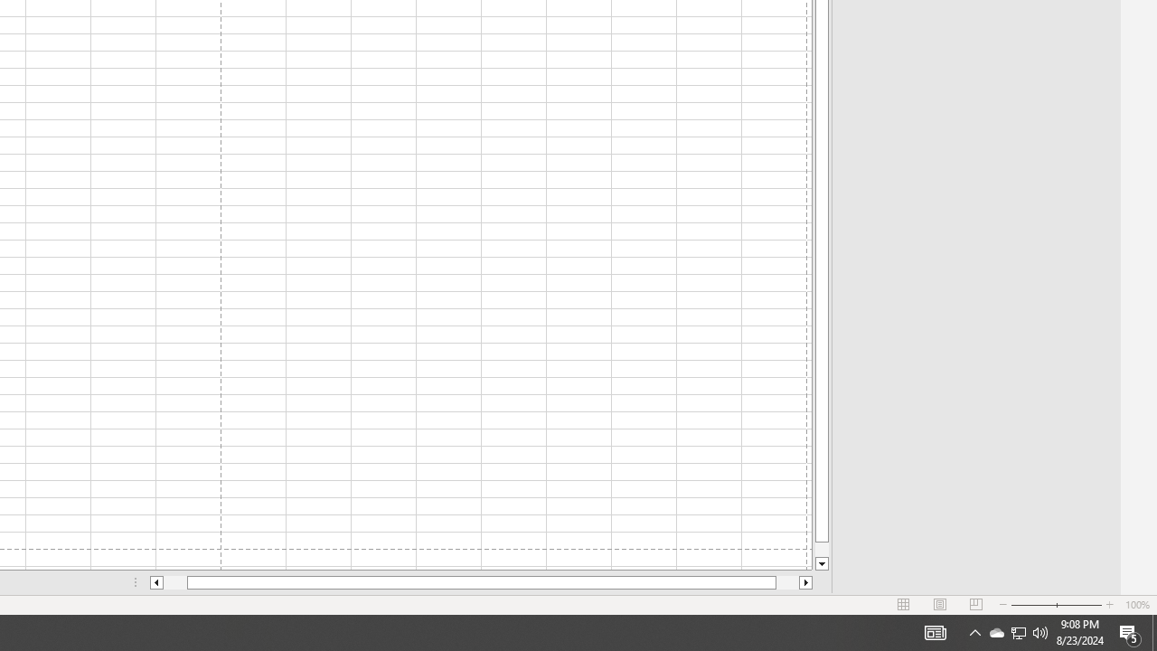 Image resolution: width=1157 pixels, height=651 pixels. I want to click on 'Line down', so click(821, 563).